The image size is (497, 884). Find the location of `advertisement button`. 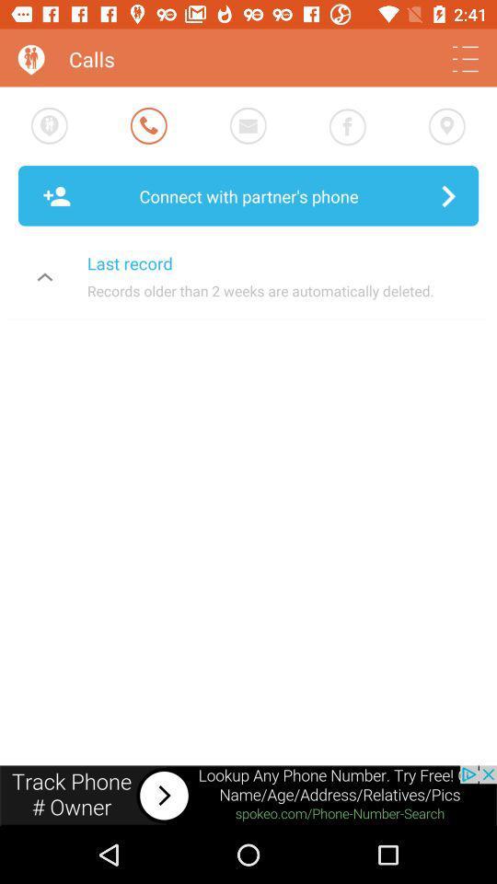

advertisement button is located at coordinates (248, 795).